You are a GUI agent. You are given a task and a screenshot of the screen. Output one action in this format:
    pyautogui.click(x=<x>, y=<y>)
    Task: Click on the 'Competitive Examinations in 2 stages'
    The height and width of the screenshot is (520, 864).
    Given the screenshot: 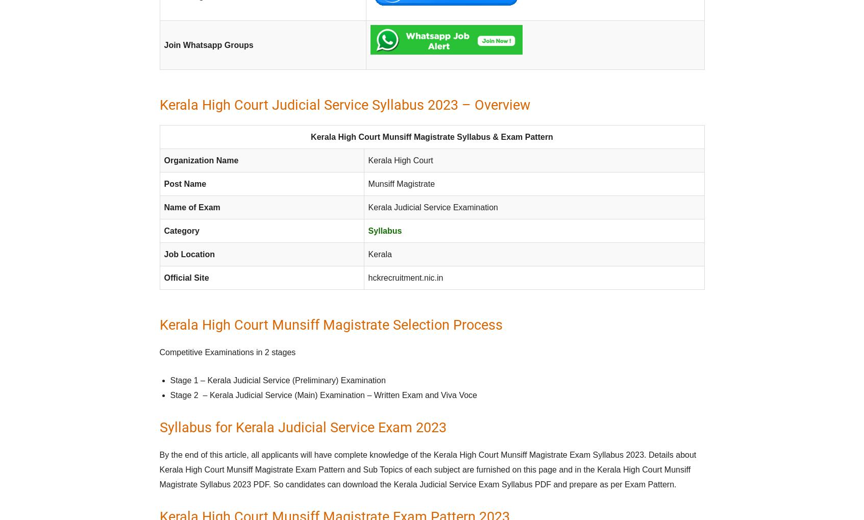 What is the action you would take?
    pyautogui.click(x=227, y=352)
    